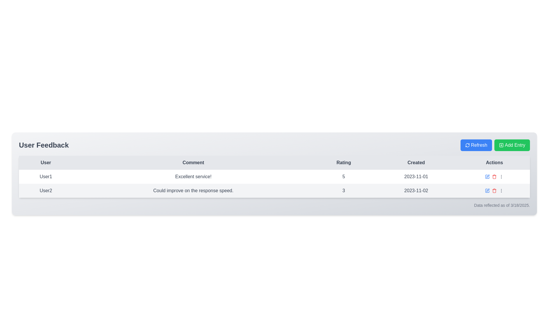 Image resolution: width=560 pixels, height=315 pixels. I want to click on the visual representation of the 'Refresh' icon located on the blue 'Refresh' button near the top-right corner of the interface, so click(467, 145).